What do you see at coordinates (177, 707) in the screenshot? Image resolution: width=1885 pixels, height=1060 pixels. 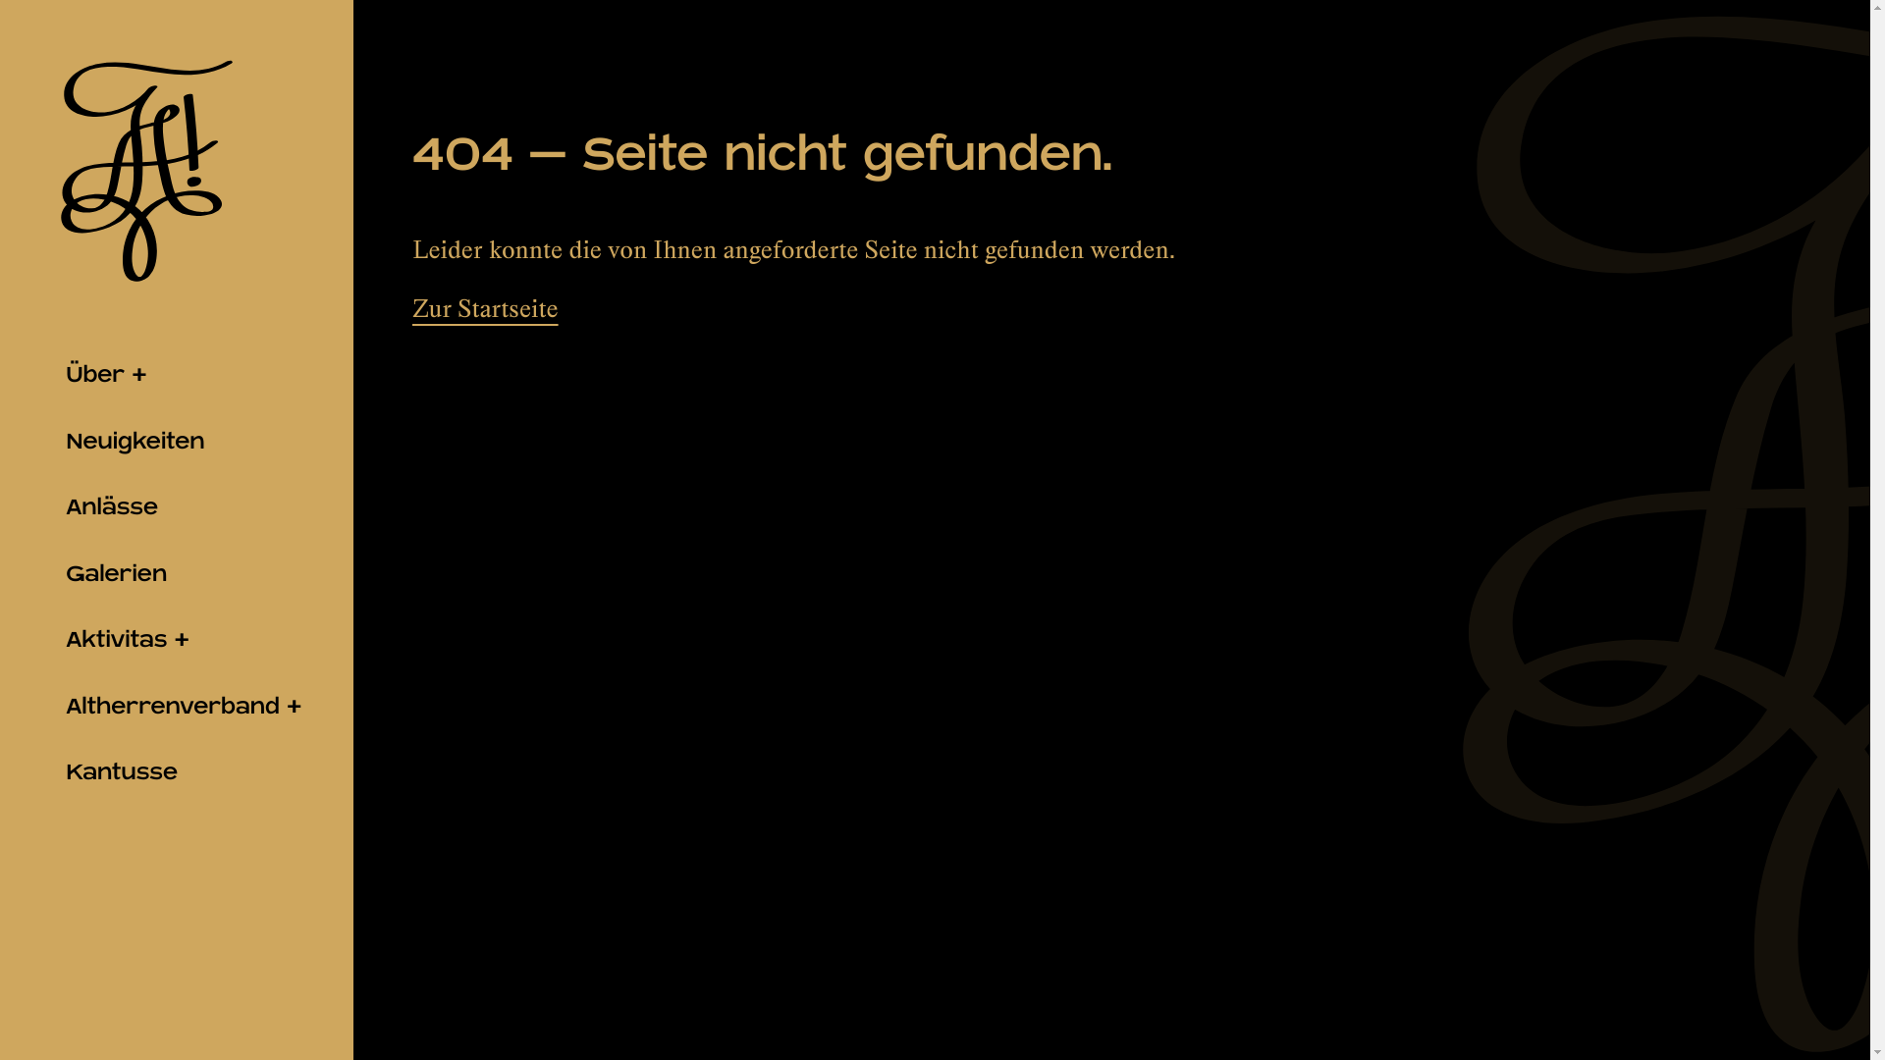 I see `'Altherrenverband'` at bounding box center [177, 707].